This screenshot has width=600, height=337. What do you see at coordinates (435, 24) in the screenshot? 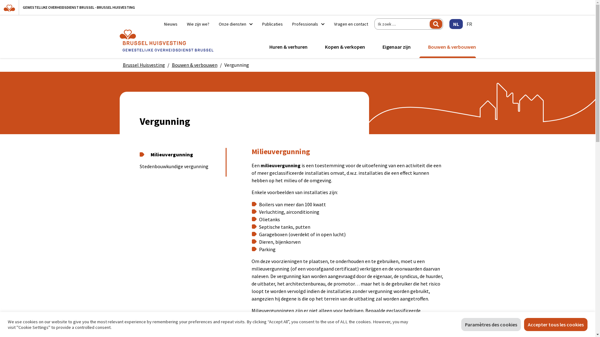
I see `'Zoeken'` at bounding box center [435, 24].